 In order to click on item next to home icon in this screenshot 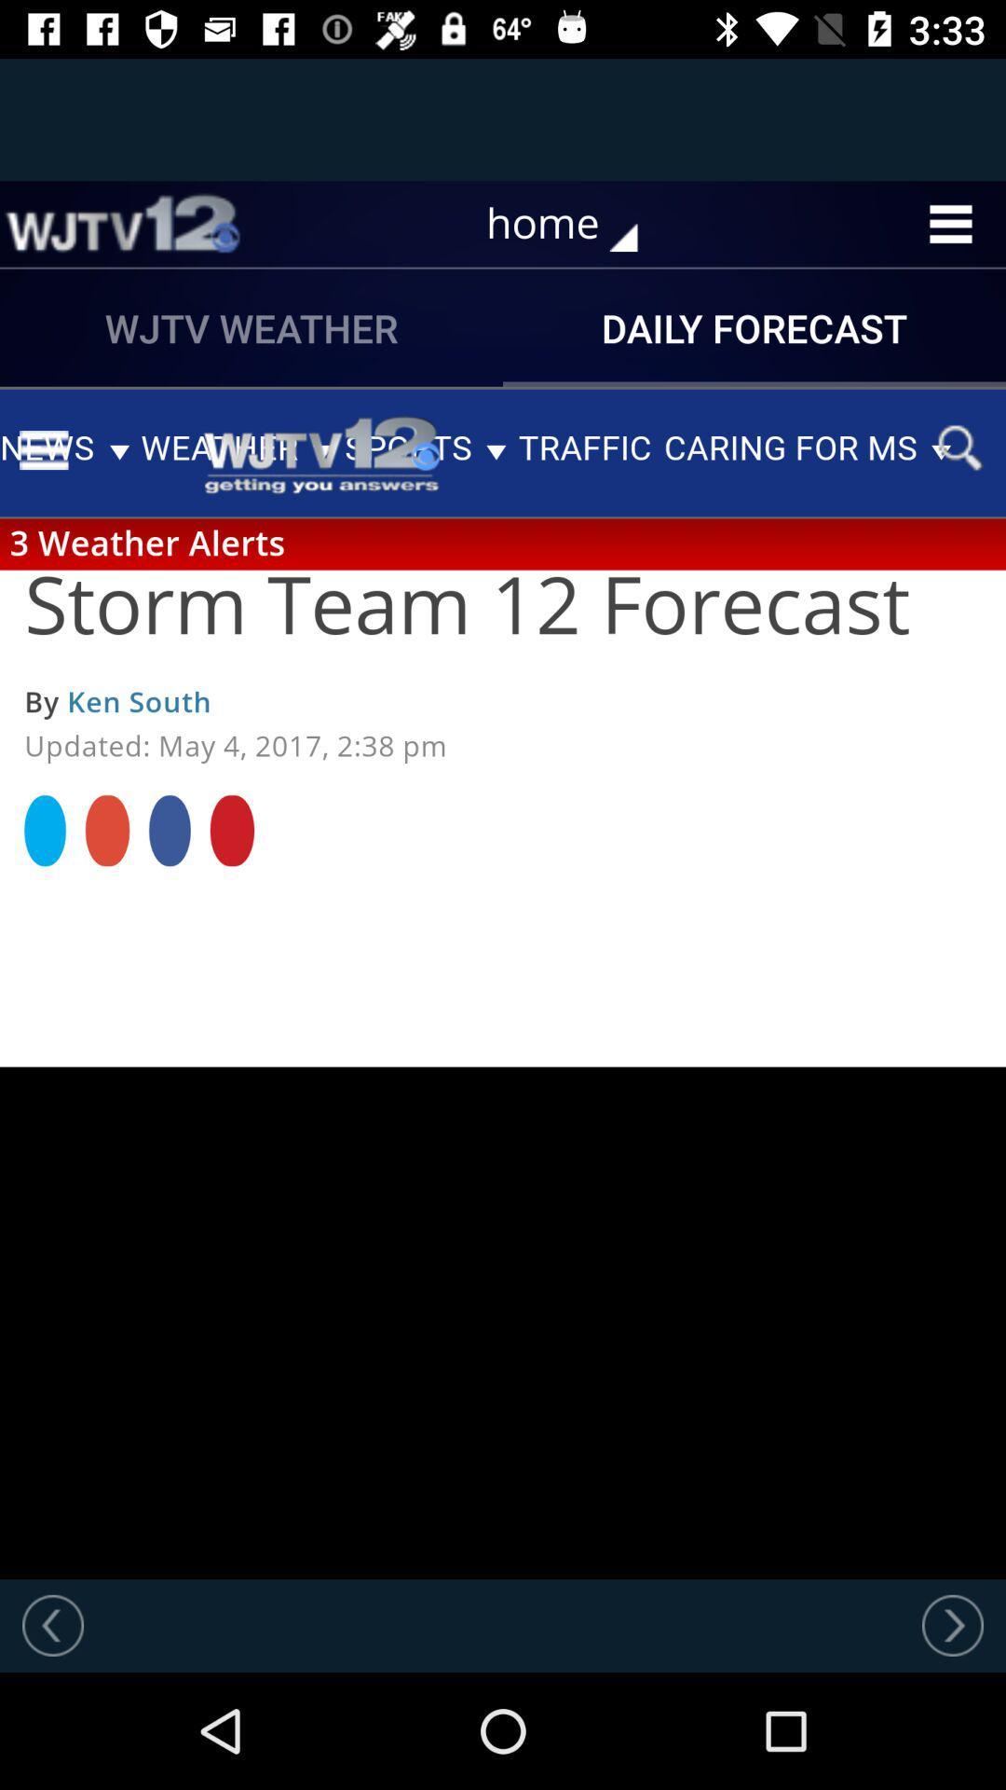, I will do `click(122, 224)`.